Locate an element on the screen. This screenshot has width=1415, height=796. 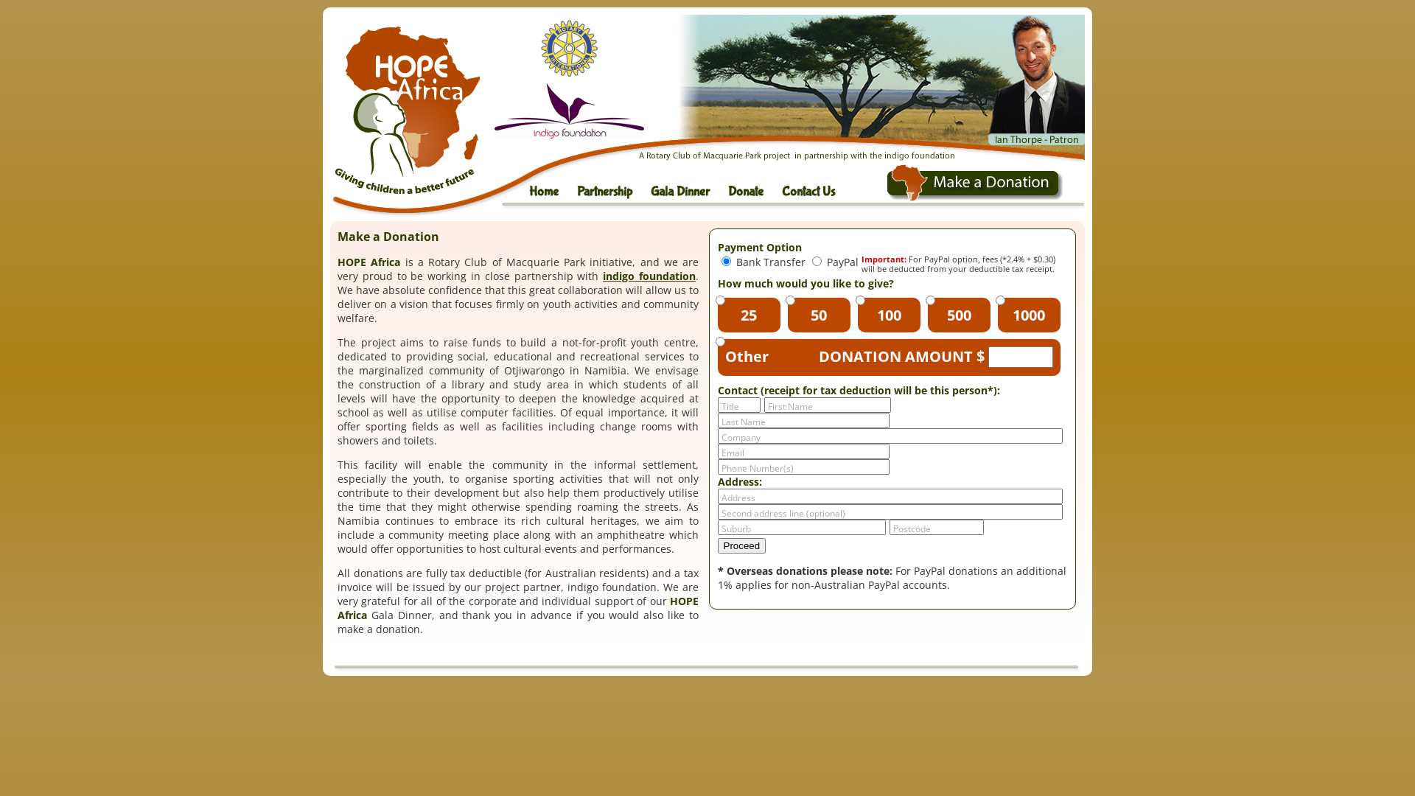
'Contact Us' is located at coordinates (817, 187).